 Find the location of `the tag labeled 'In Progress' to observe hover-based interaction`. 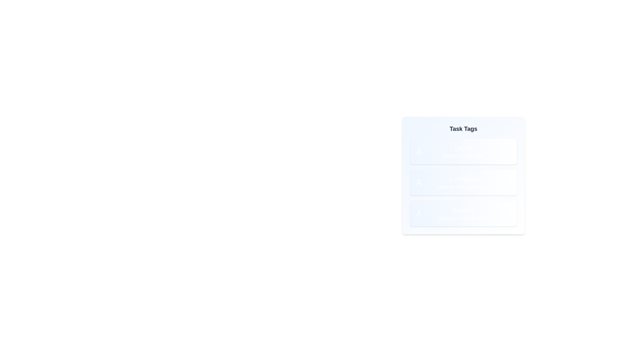

the tag labeled 'In Progress' to observe hover-based interaction is located at coordinates (463, 182).